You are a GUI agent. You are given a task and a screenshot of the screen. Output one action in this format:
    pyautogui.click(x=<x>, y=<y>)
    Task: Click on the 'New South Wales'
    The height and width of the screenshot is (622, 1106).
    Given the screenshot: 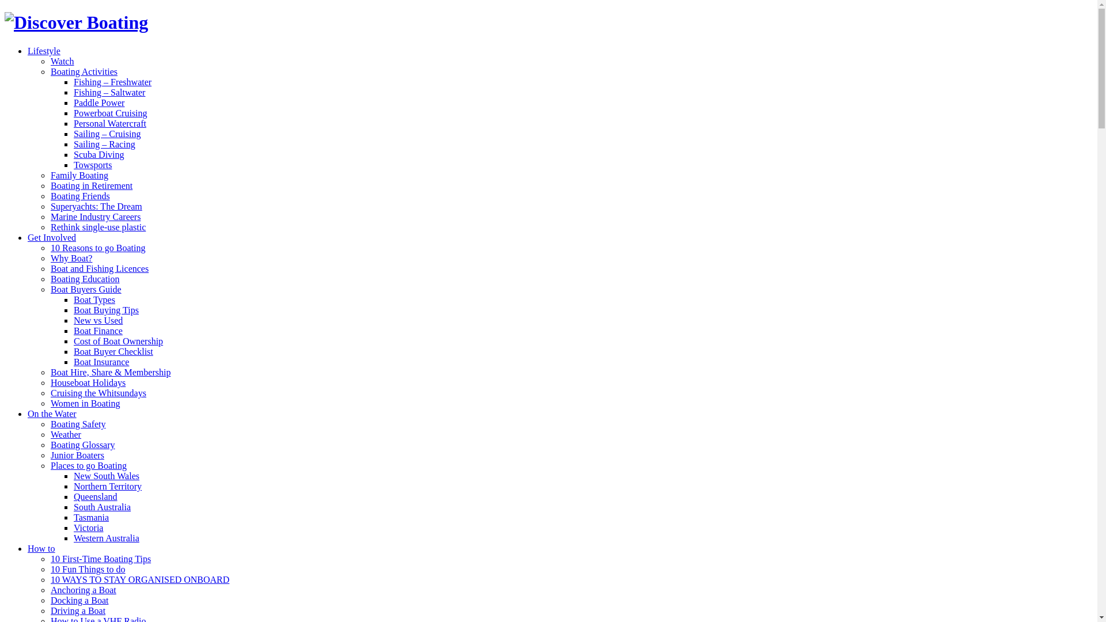 What is the action you would take?
    pyautogui.click(x=107, y=476)
    